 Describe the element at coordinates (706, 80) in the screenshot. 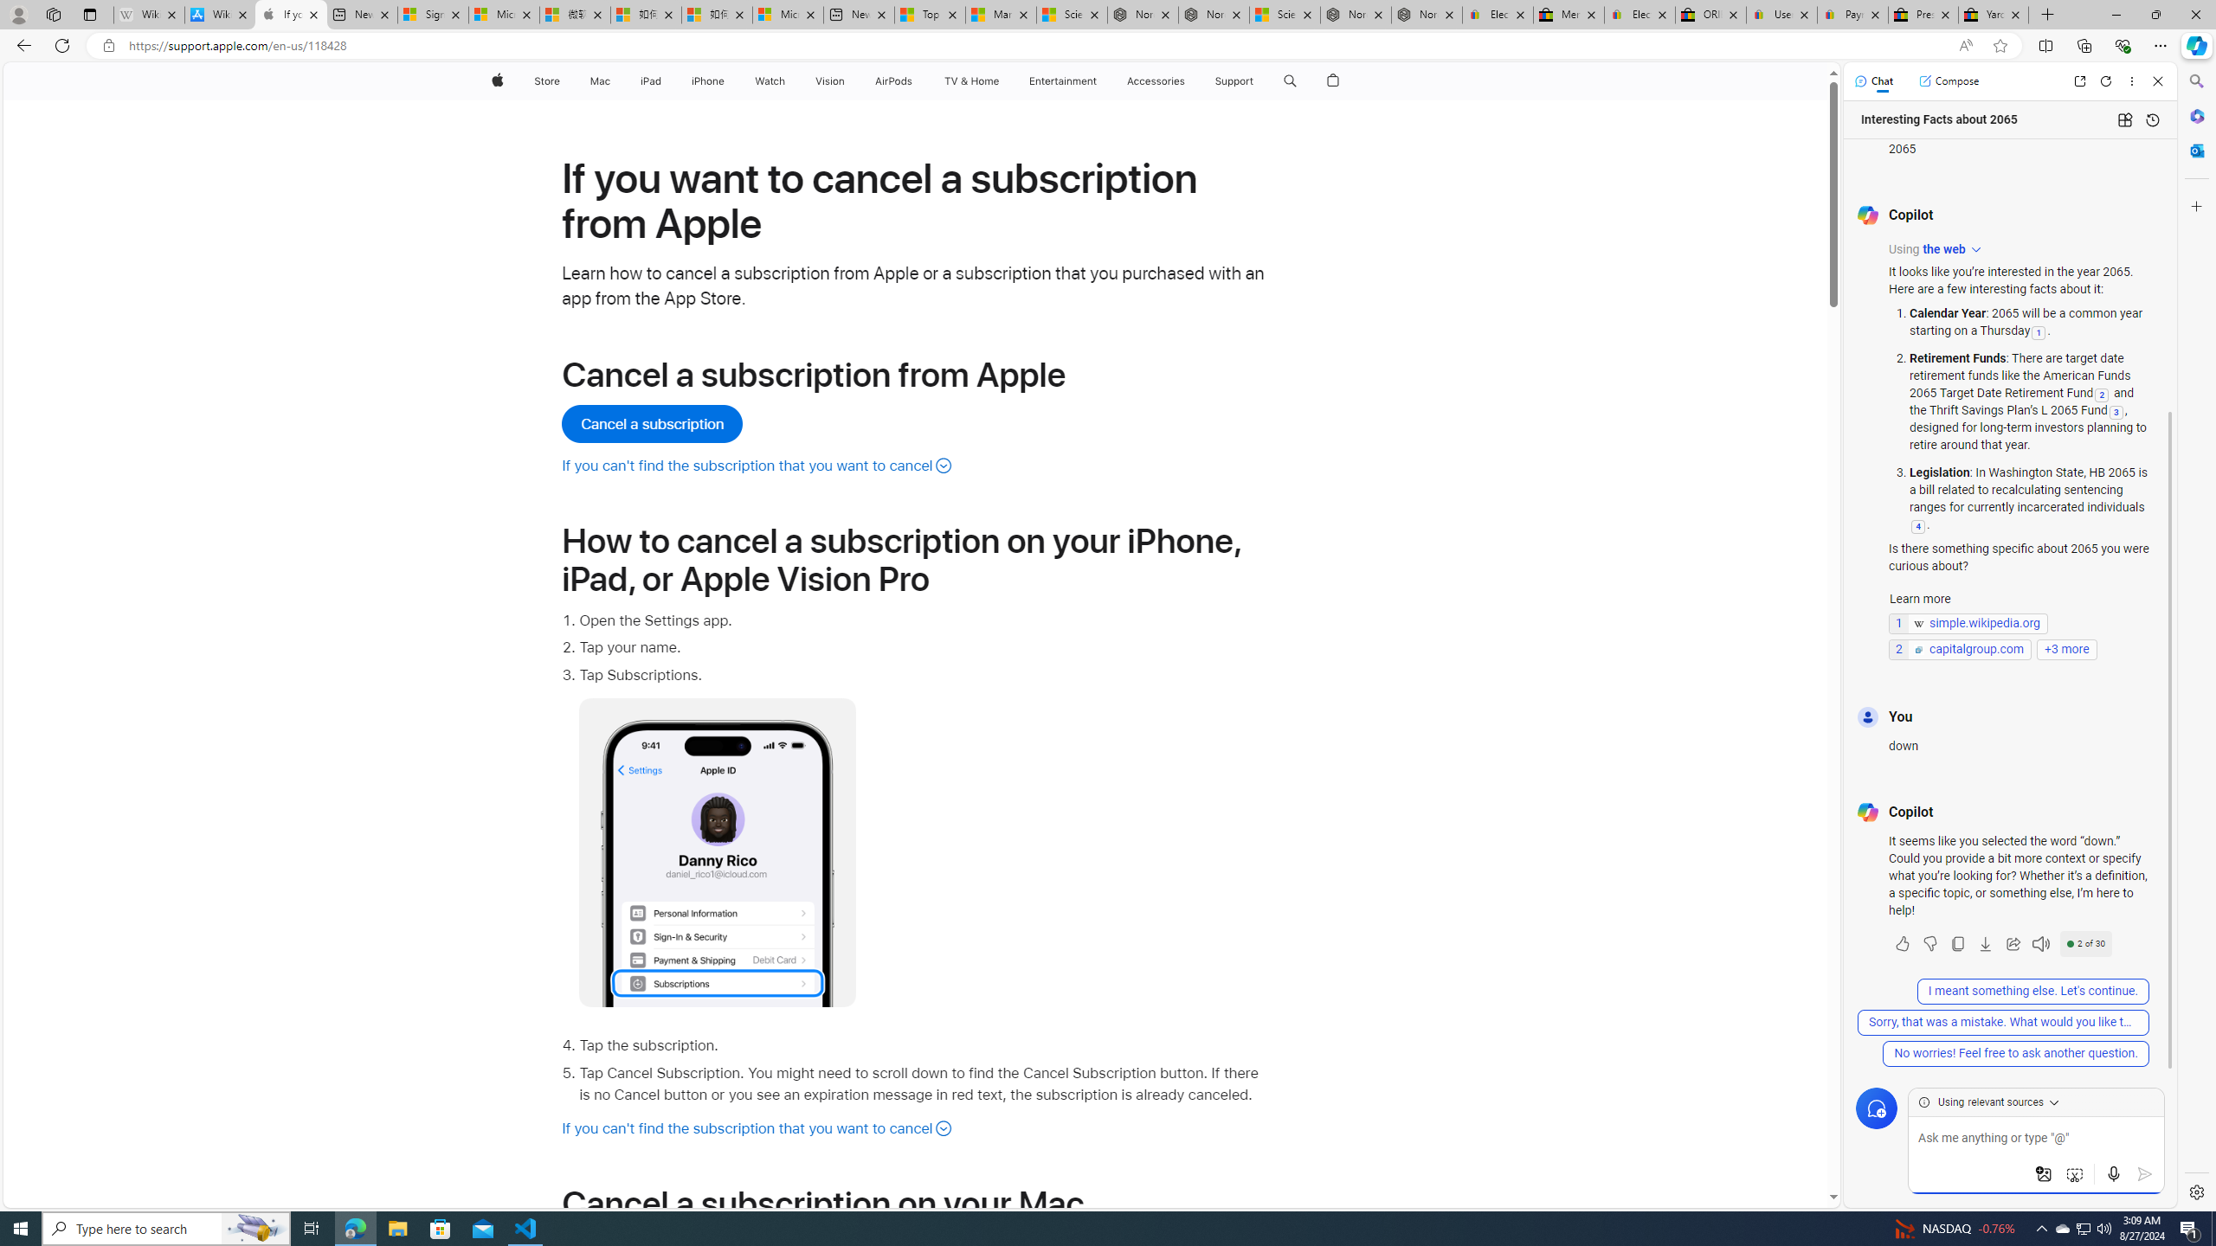

I see `'iPhone'` at that location.